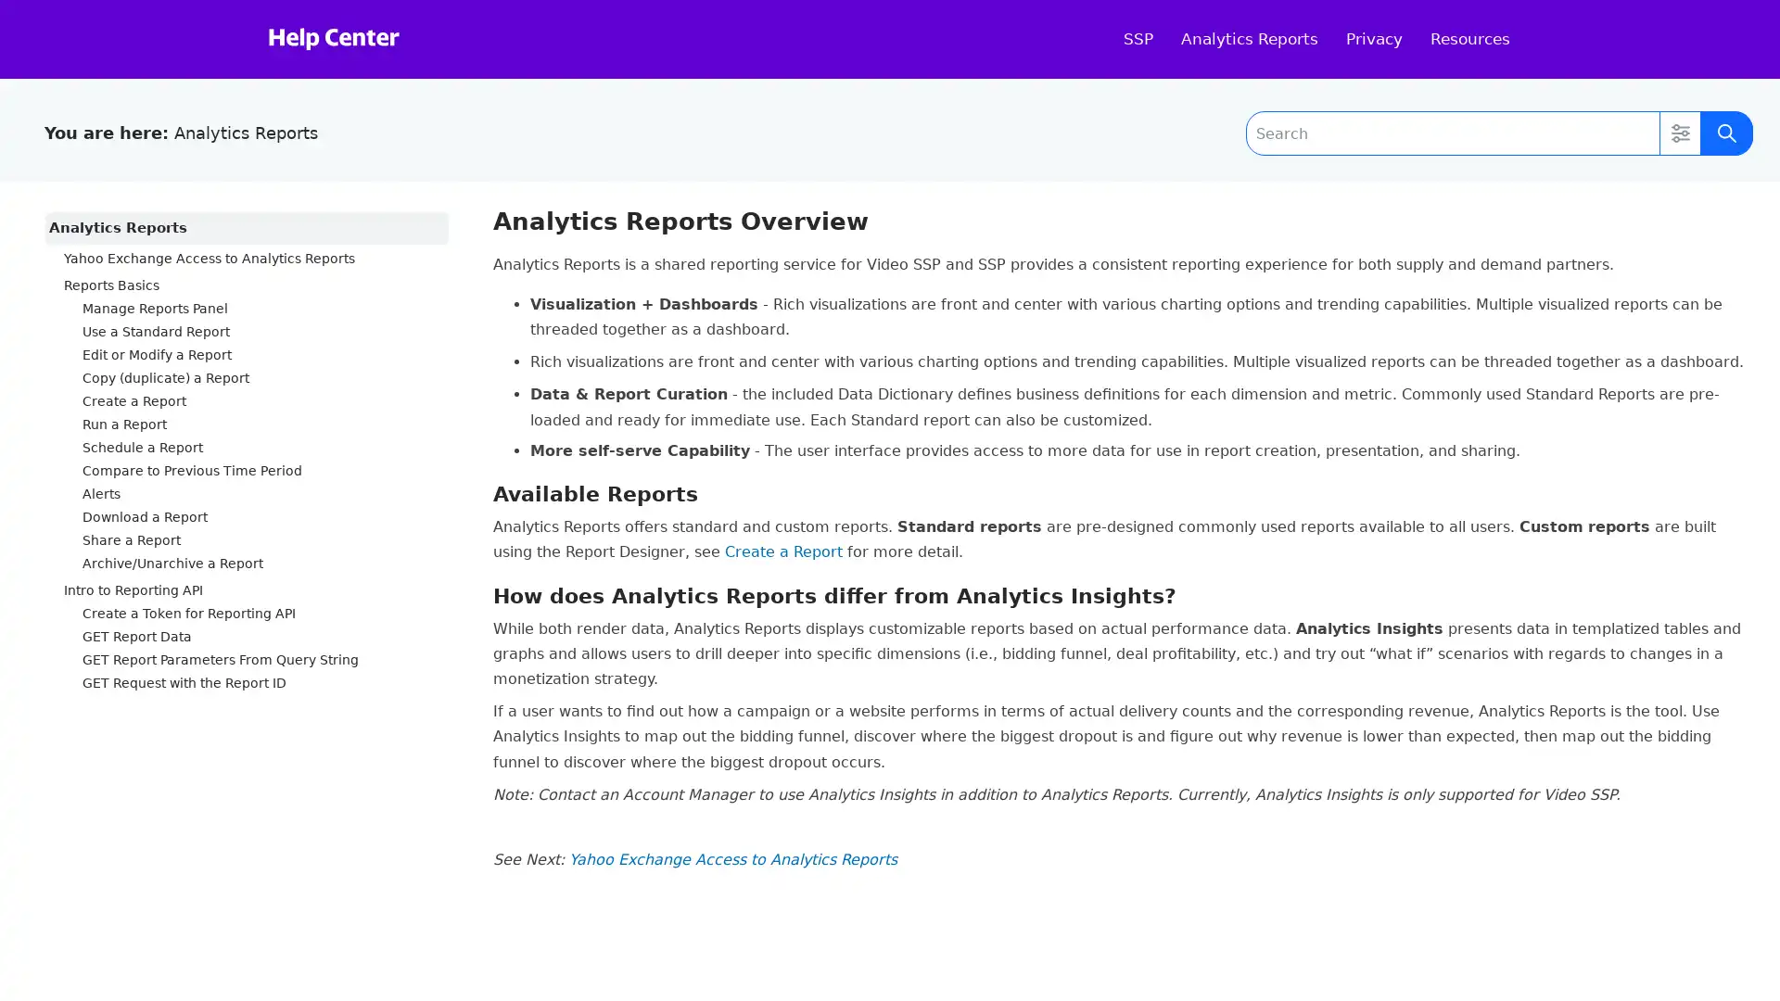 This screenshot has width=1780, height=1001. I want to click on Submit Search, so click(1725, 132).